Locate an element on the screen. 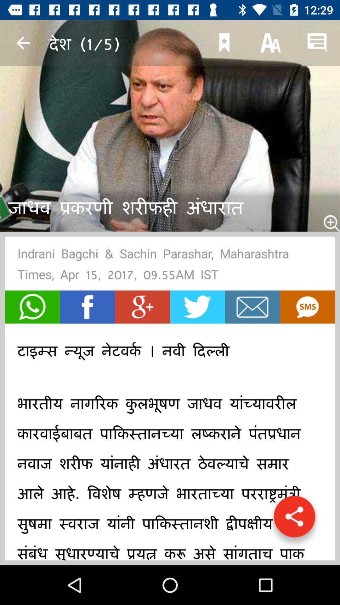 The height and width of the screenshot is (605, 340). email the story is located at coordinates (252, 307).